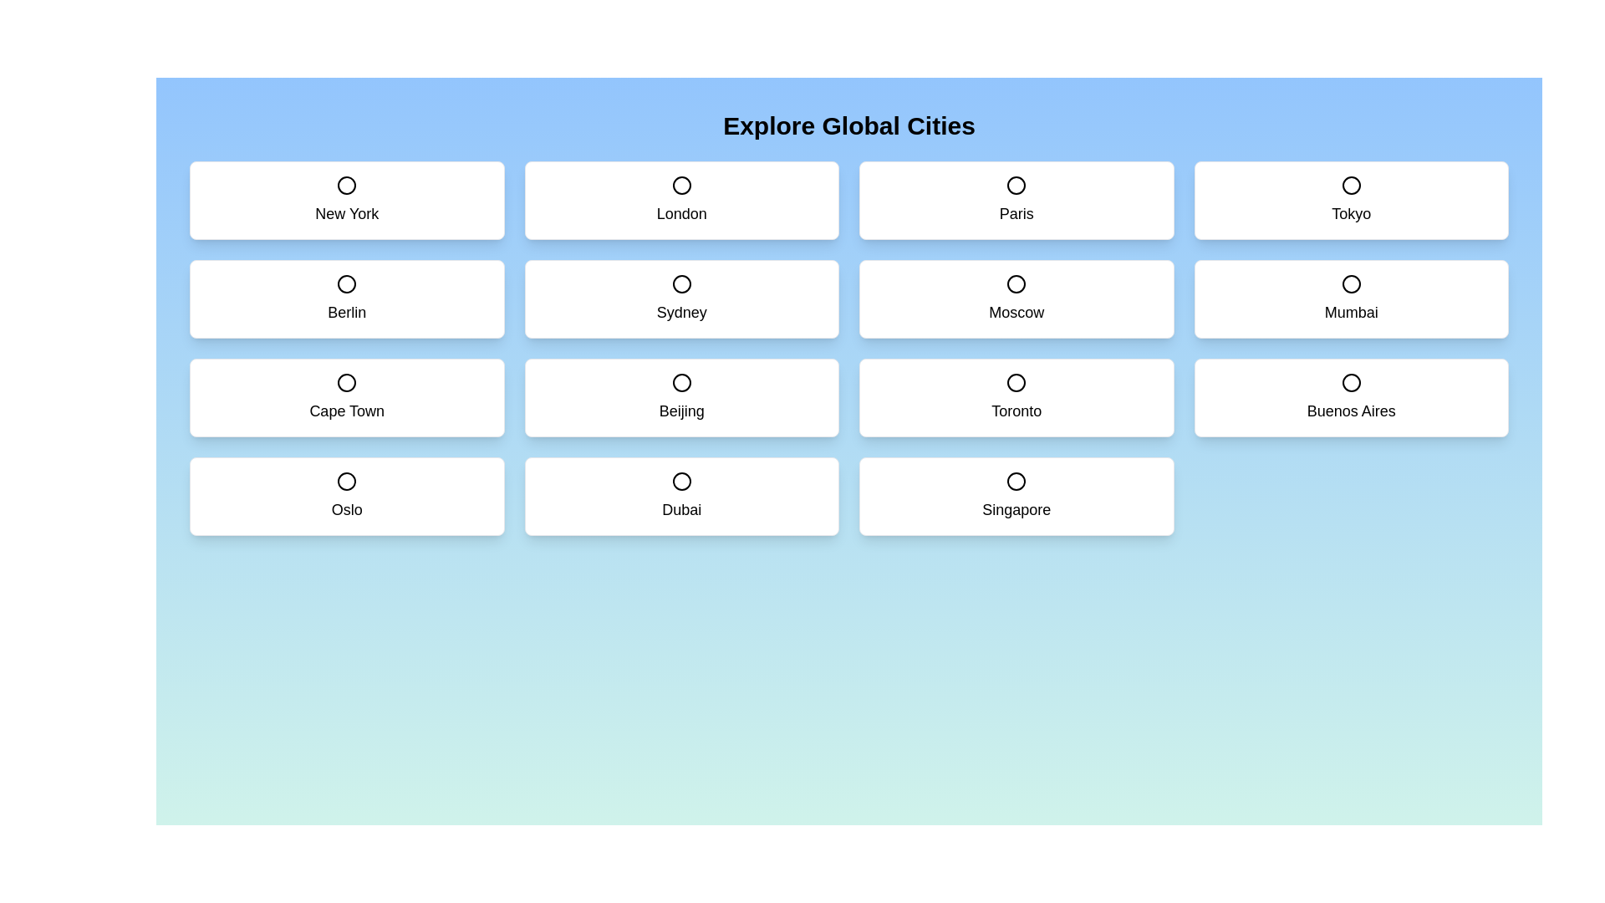  I want to click on the city card labeled Cape Town to toggle its selection state, so click(346, 397).